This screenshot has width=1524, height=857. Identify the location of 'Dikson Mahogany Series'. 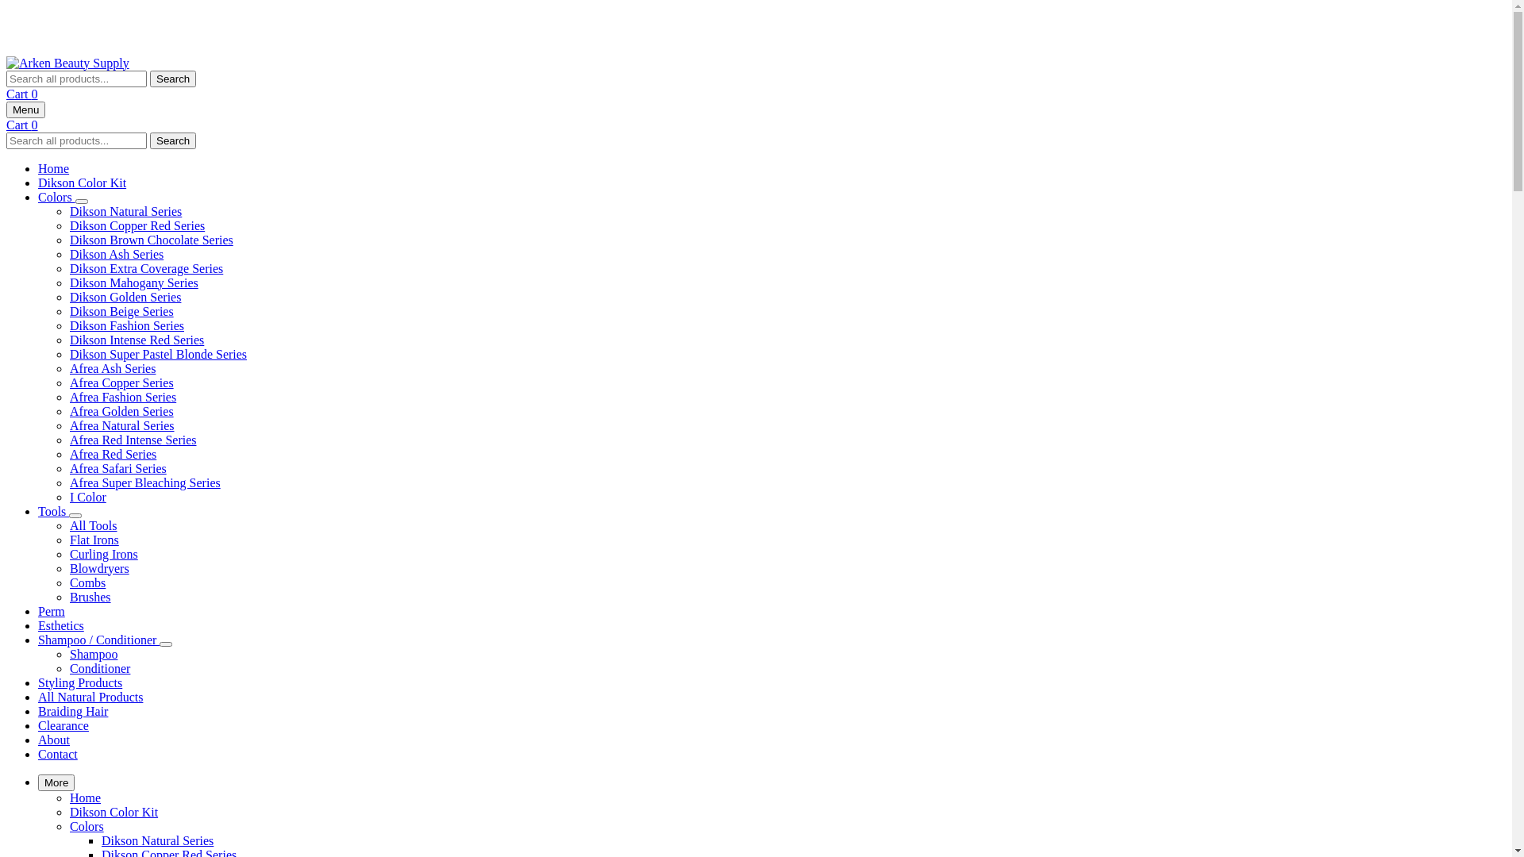
(133, 282).